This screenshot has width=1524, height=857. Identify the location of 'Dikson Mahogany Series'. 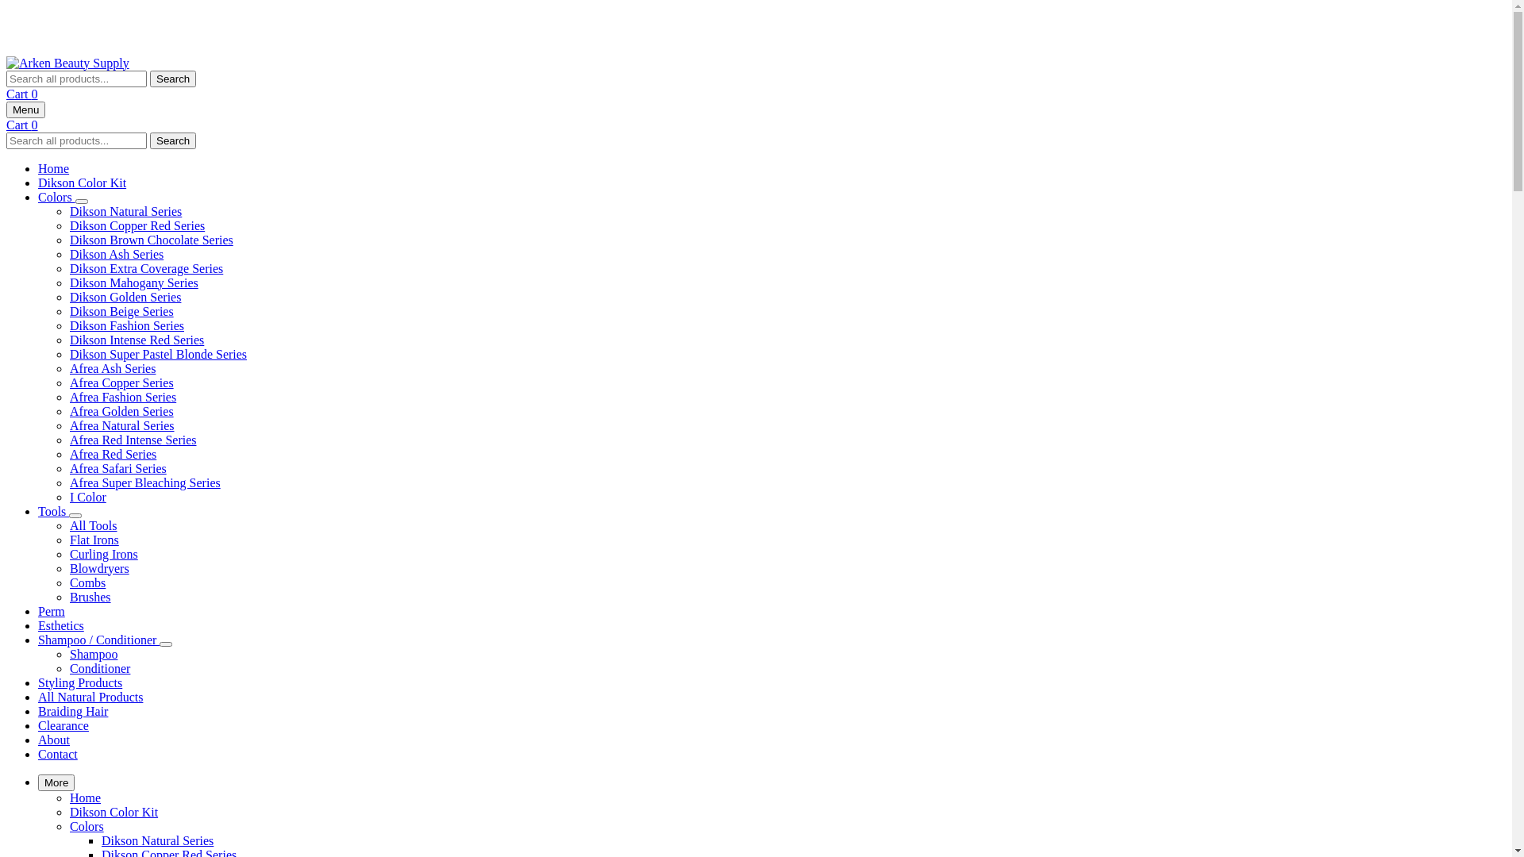
(133, 282).